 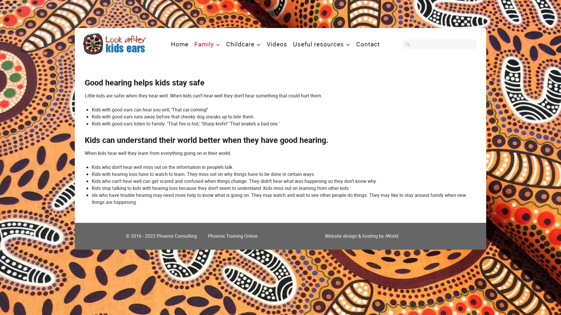 I want to click on 'Childcare', so click(x=243, y=43).